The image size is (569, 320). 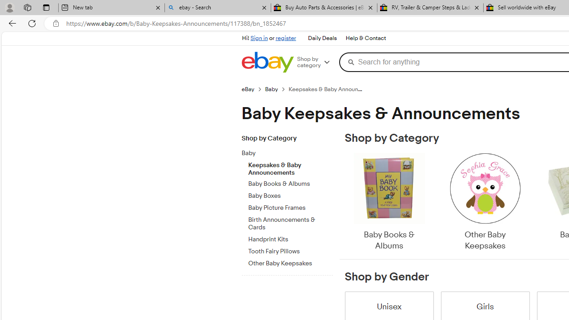 What do you see at coordinates (389, 202) in the screenshot?
I see `'Baby Books & Albums'` at bounding box center [389, 202].